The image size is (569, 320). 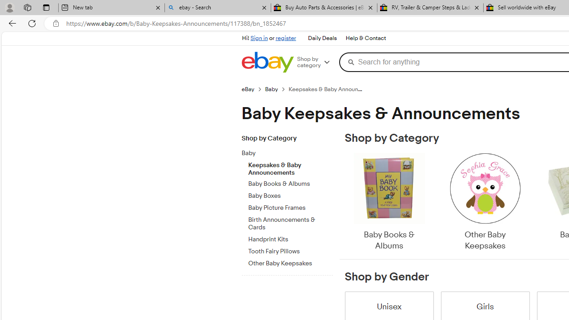 What do you see at coordinates (389, 202) in the screenshot?
I see `'Baby Books & Albums'` at bounding box center [389, 202].